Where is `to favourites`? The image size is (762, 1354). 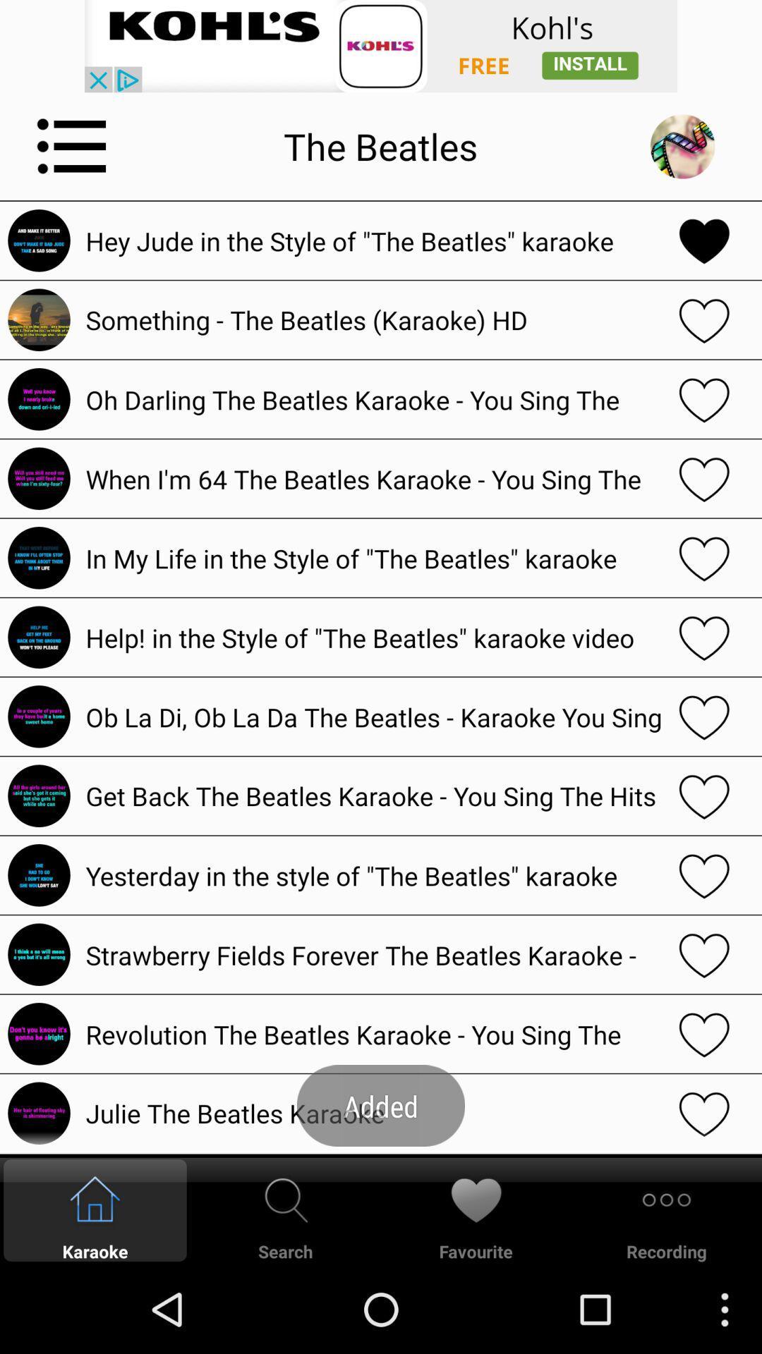
to favourites is located at coordinates (704, 478).